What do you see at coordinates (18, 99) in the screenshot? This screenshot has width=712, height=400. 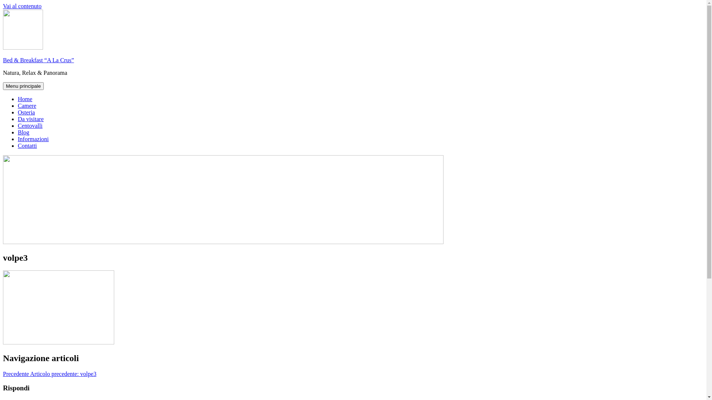 I see `'Home'` at bounding box center [18, 99].